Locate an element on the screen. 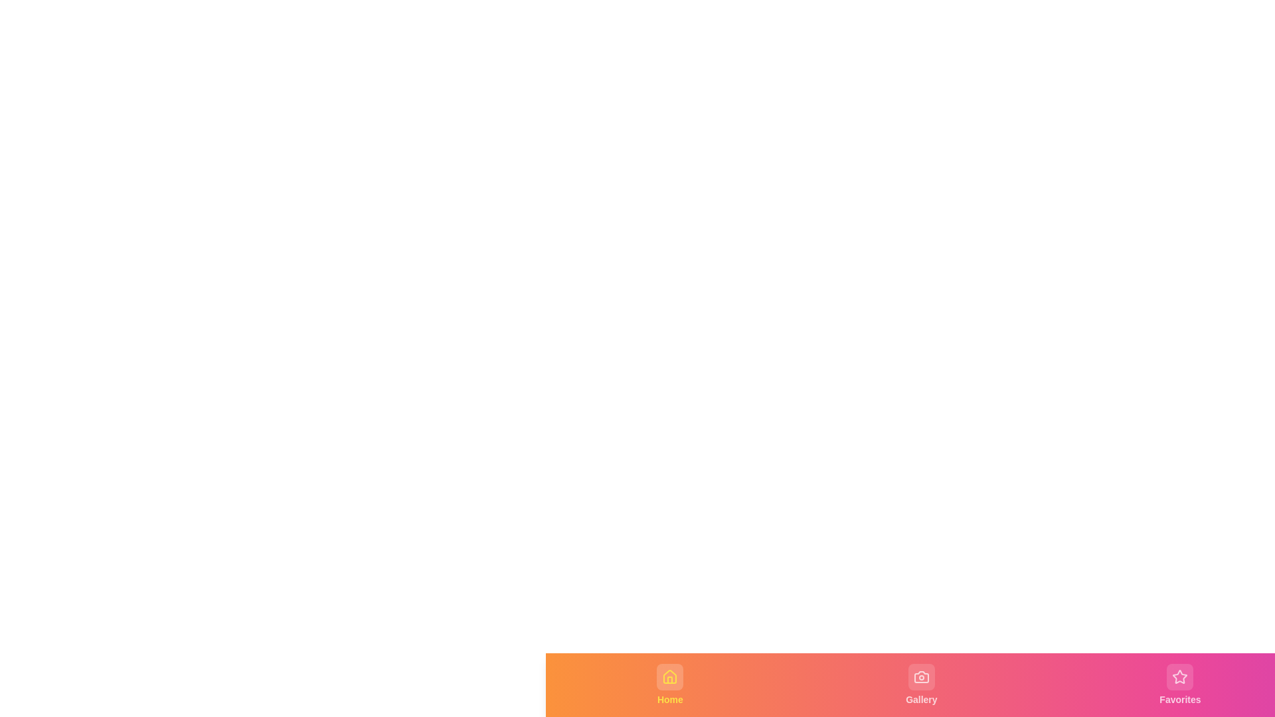 Image resolution: width=1275 pixels, height=717 pixels. the Home tab to observe the visual feedback is located at coordinates (670, 685).